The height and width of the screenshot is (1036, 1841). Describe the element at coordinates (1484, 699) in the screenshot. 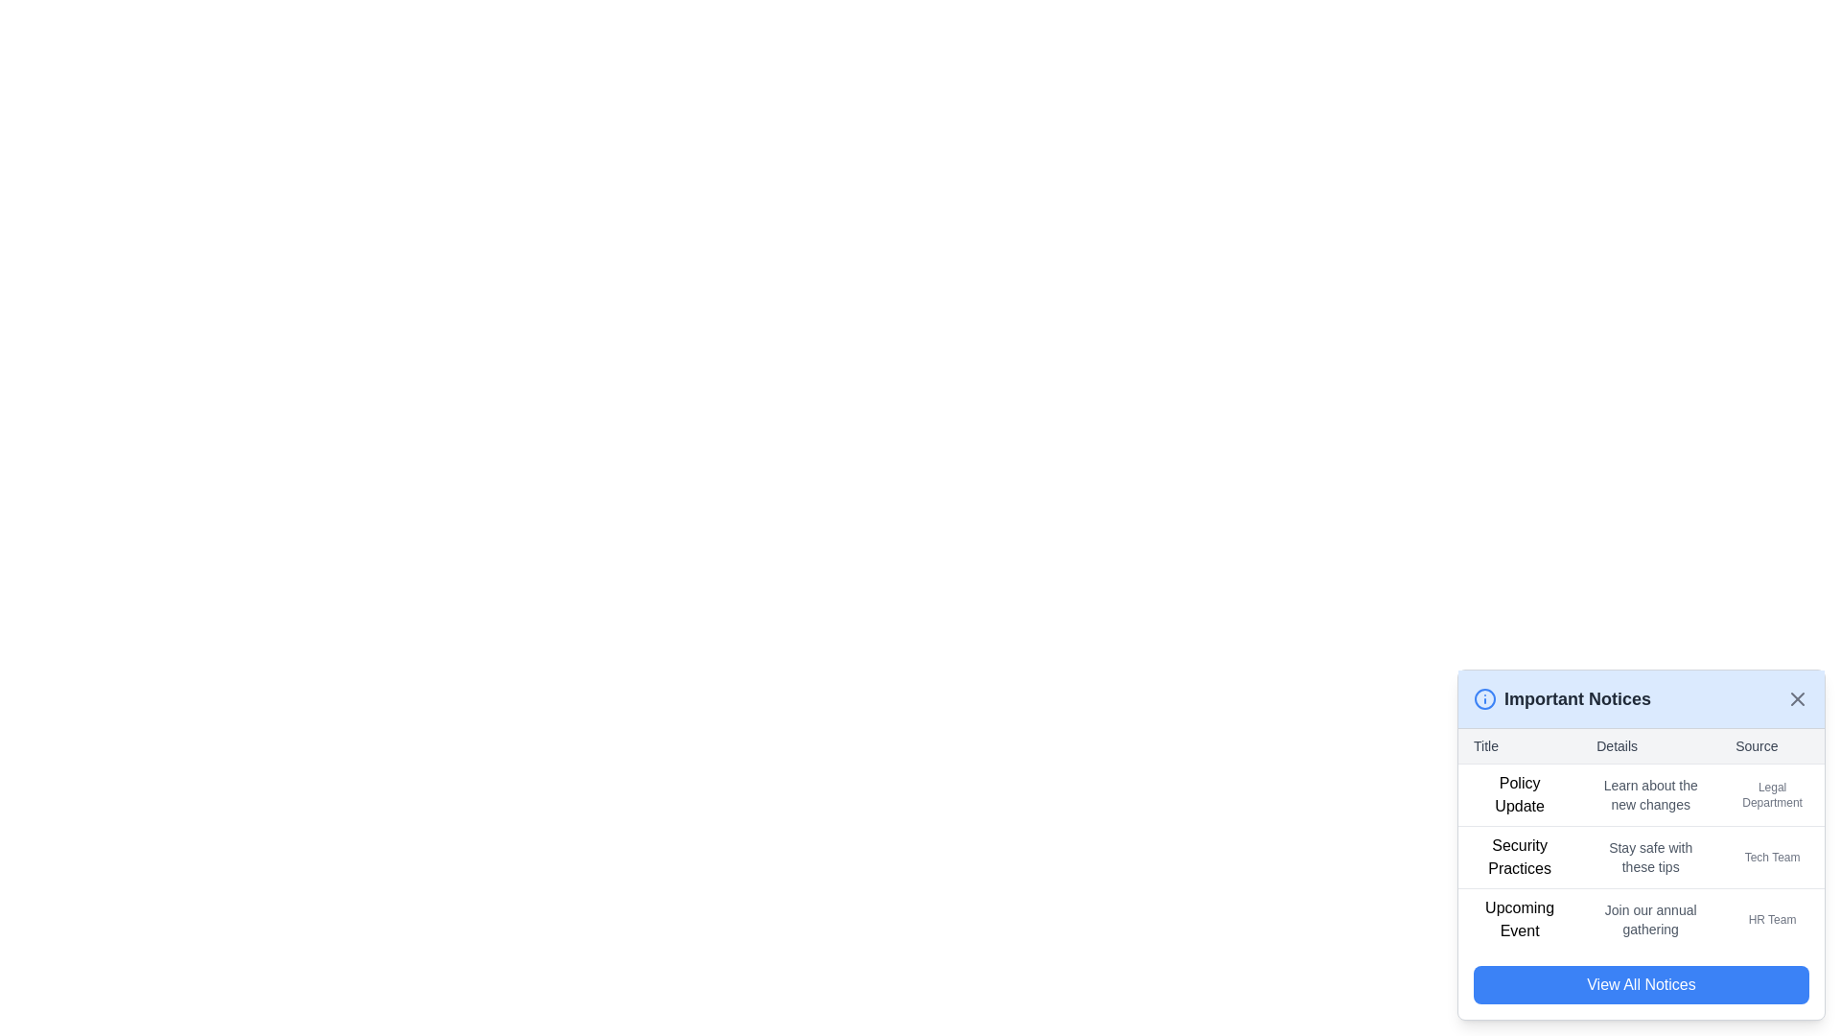

I see `the informational icon located to the left of the title text 'Important Notices' in the header section` at that location.